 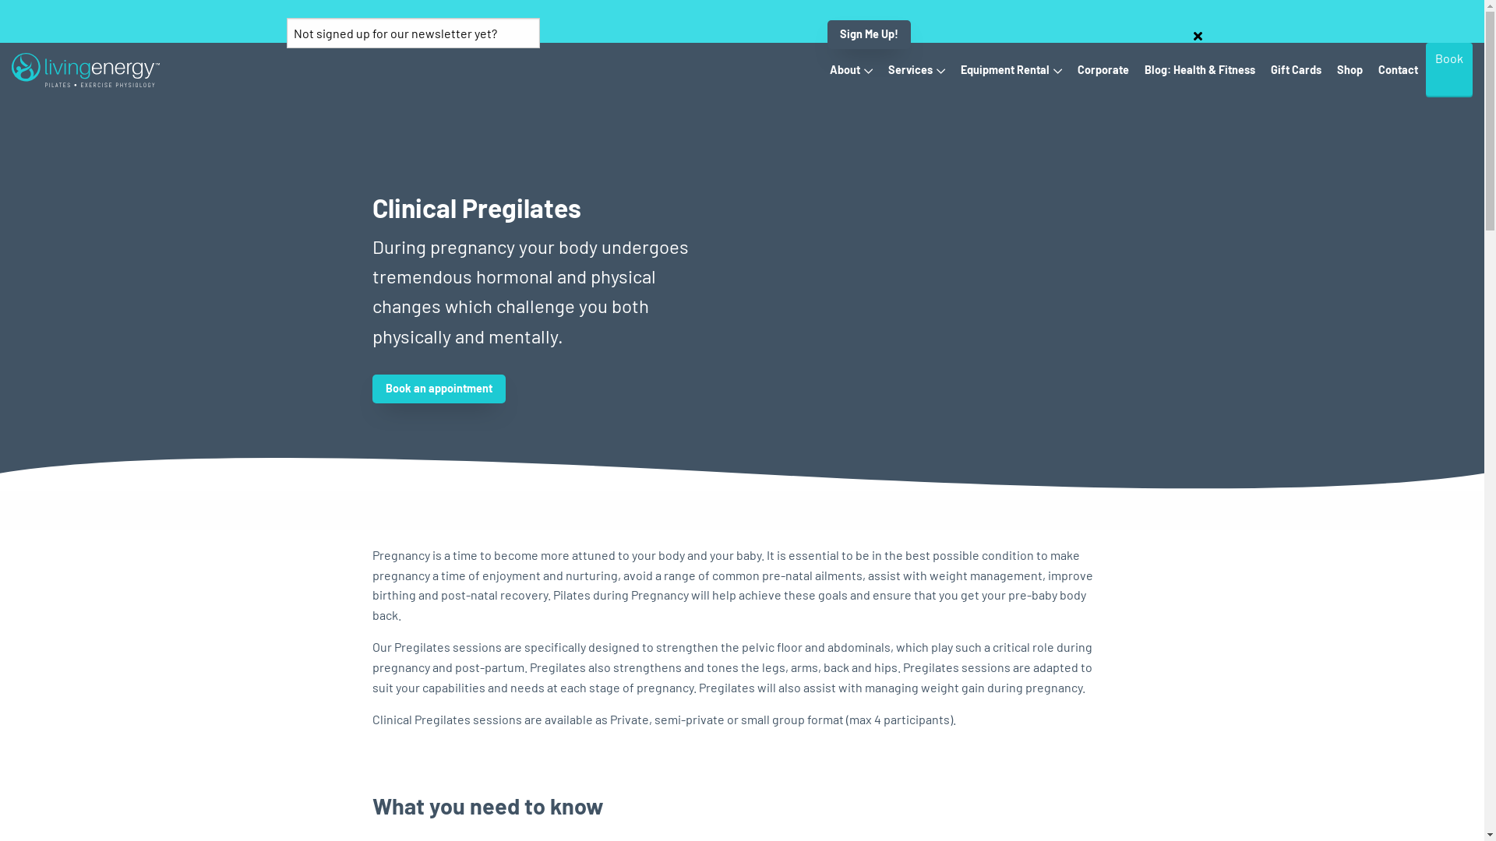 I want to click on 'Blog: Health & Fitness', so click(x=1199, y=69).